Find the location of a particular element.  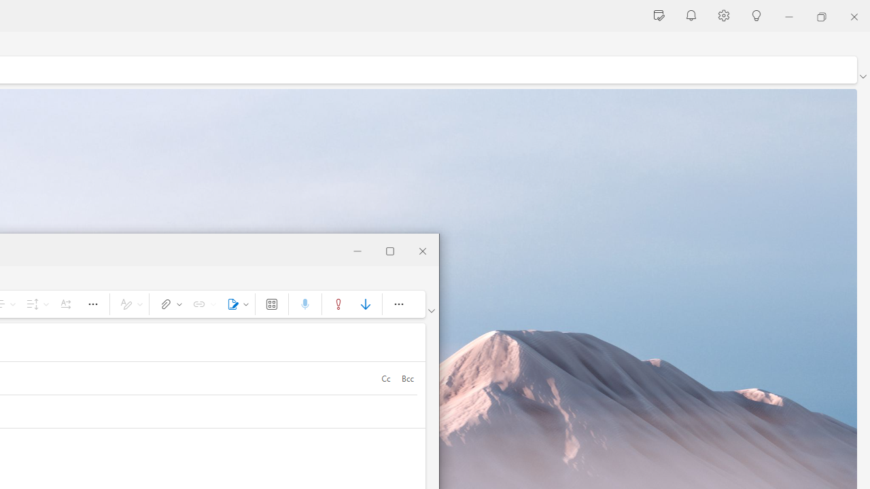

'Apps' is located at coordinates (272, 303).